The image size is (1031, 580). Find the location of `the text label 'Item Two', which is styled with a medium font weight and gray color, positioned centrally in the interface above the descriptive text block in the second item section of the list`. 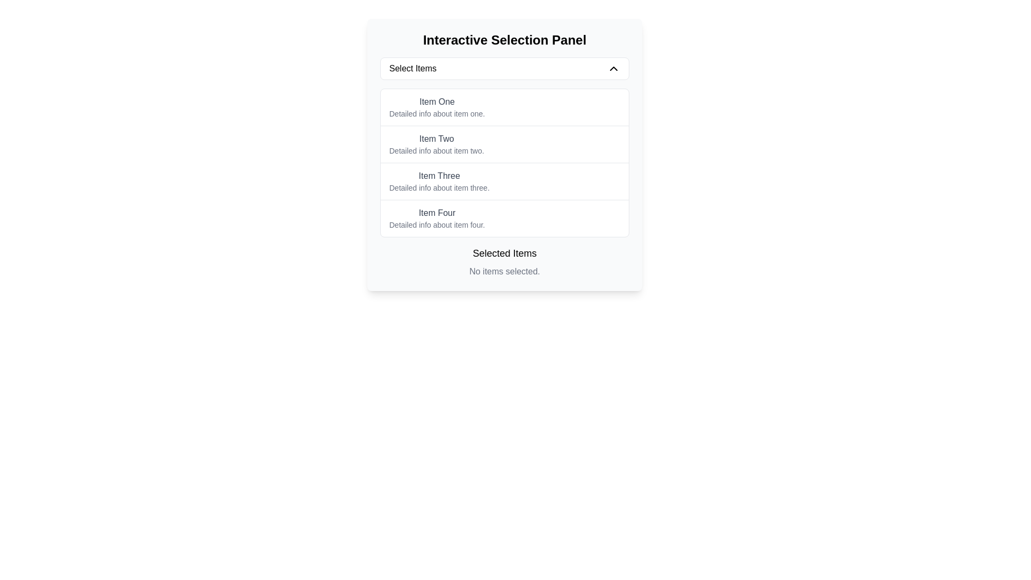

the text label 'Item Two', which is styled with a medium font weight and gray color, positioned centrally in the interface above the descriptive text block in the second item section of the list is located at coordinates (437, 138).